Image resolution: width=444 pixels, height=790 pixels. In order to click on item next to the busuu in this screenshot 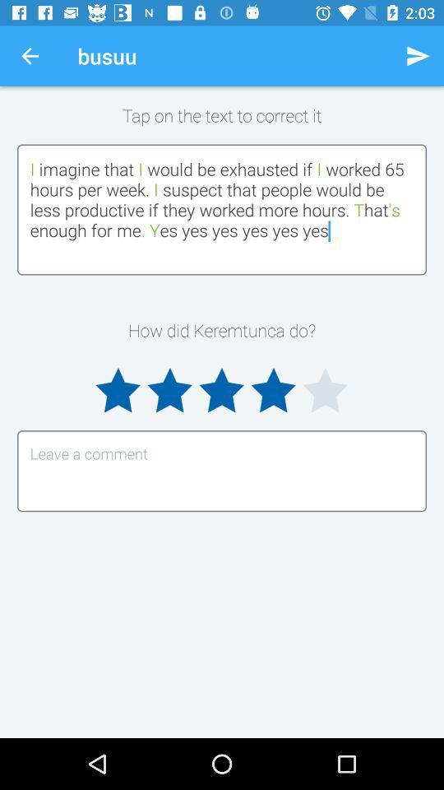, I will do `click(418, 56)`.